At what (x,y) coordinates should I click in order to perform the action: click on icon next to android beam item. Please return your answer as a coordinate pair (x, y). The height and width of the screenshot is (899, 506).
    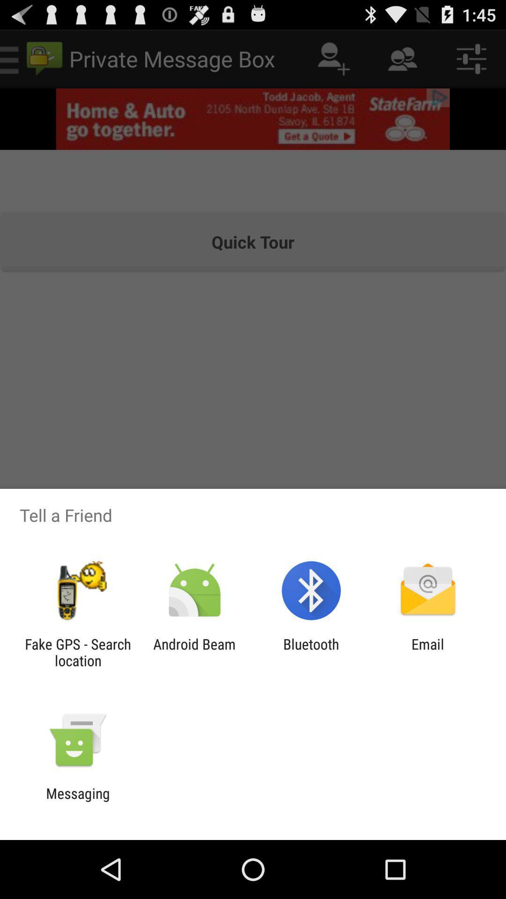
    Looking at the image, I should click on (77, 652).